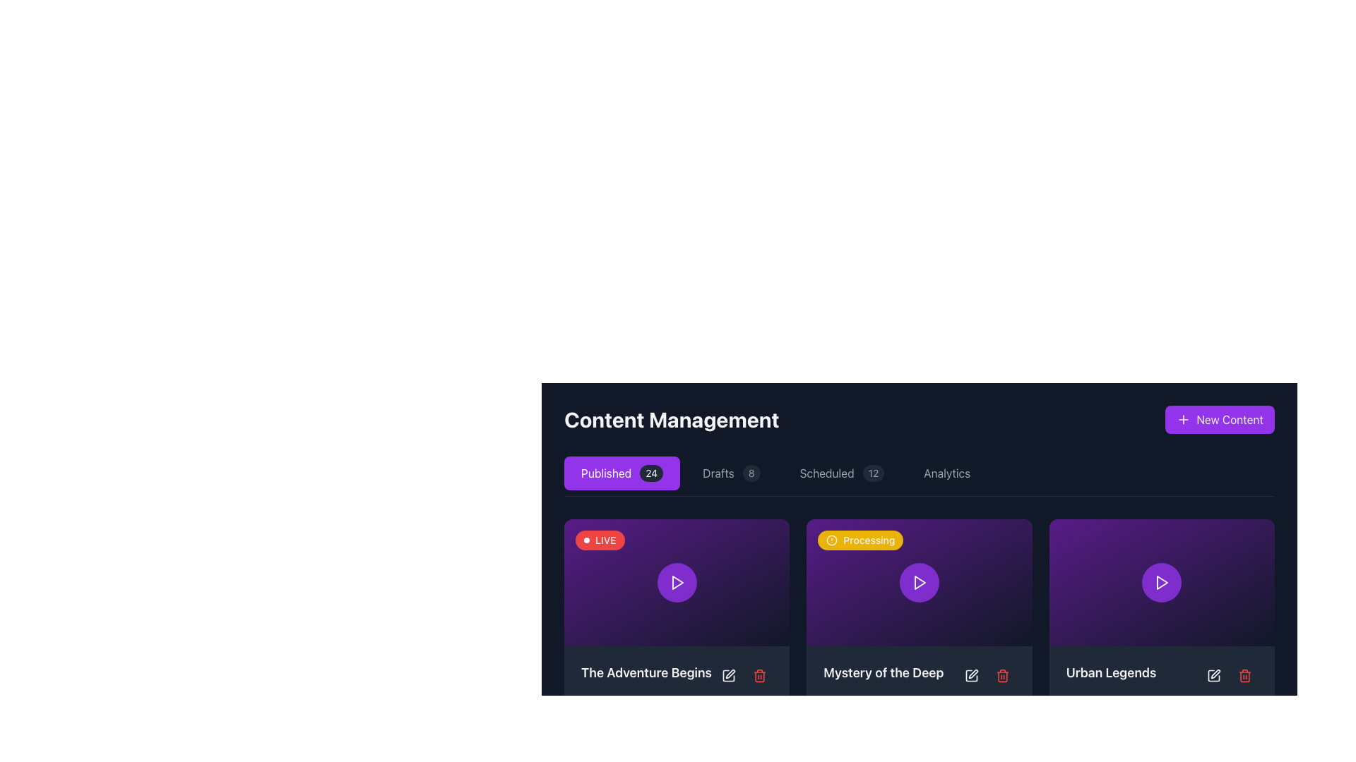  What do you see at coordinates (1219, 418) in the screenshot?
I see `the rectangular button with a purple background labeled 'New Content', which features a white 'plus' icon` at bounding box center [1219, 418].